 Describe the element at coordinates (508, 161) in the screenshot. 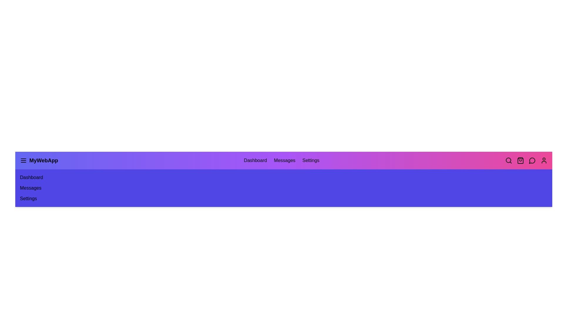

I see `the search icon in the EnhancedAppBar` at that location.